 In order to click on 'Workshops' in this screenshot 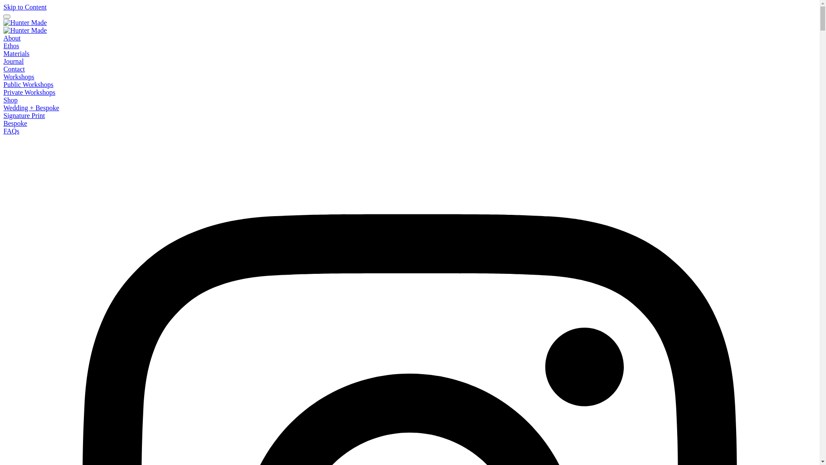, I will do `click(3, 76)`.